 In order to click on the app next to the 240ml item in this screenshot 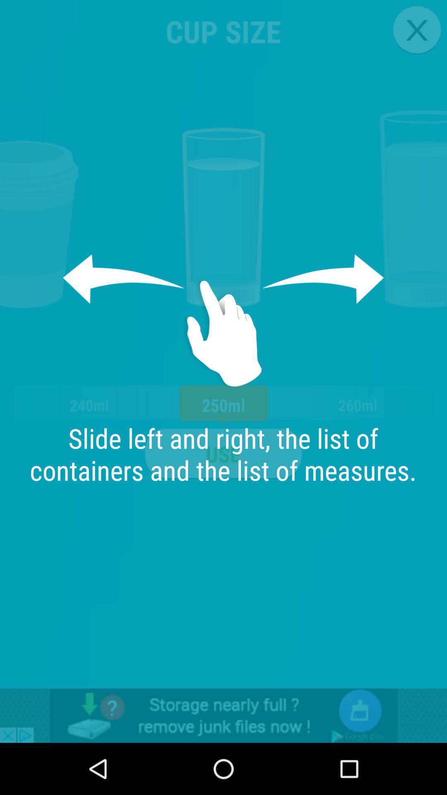, I will do `click(223, 453)`.